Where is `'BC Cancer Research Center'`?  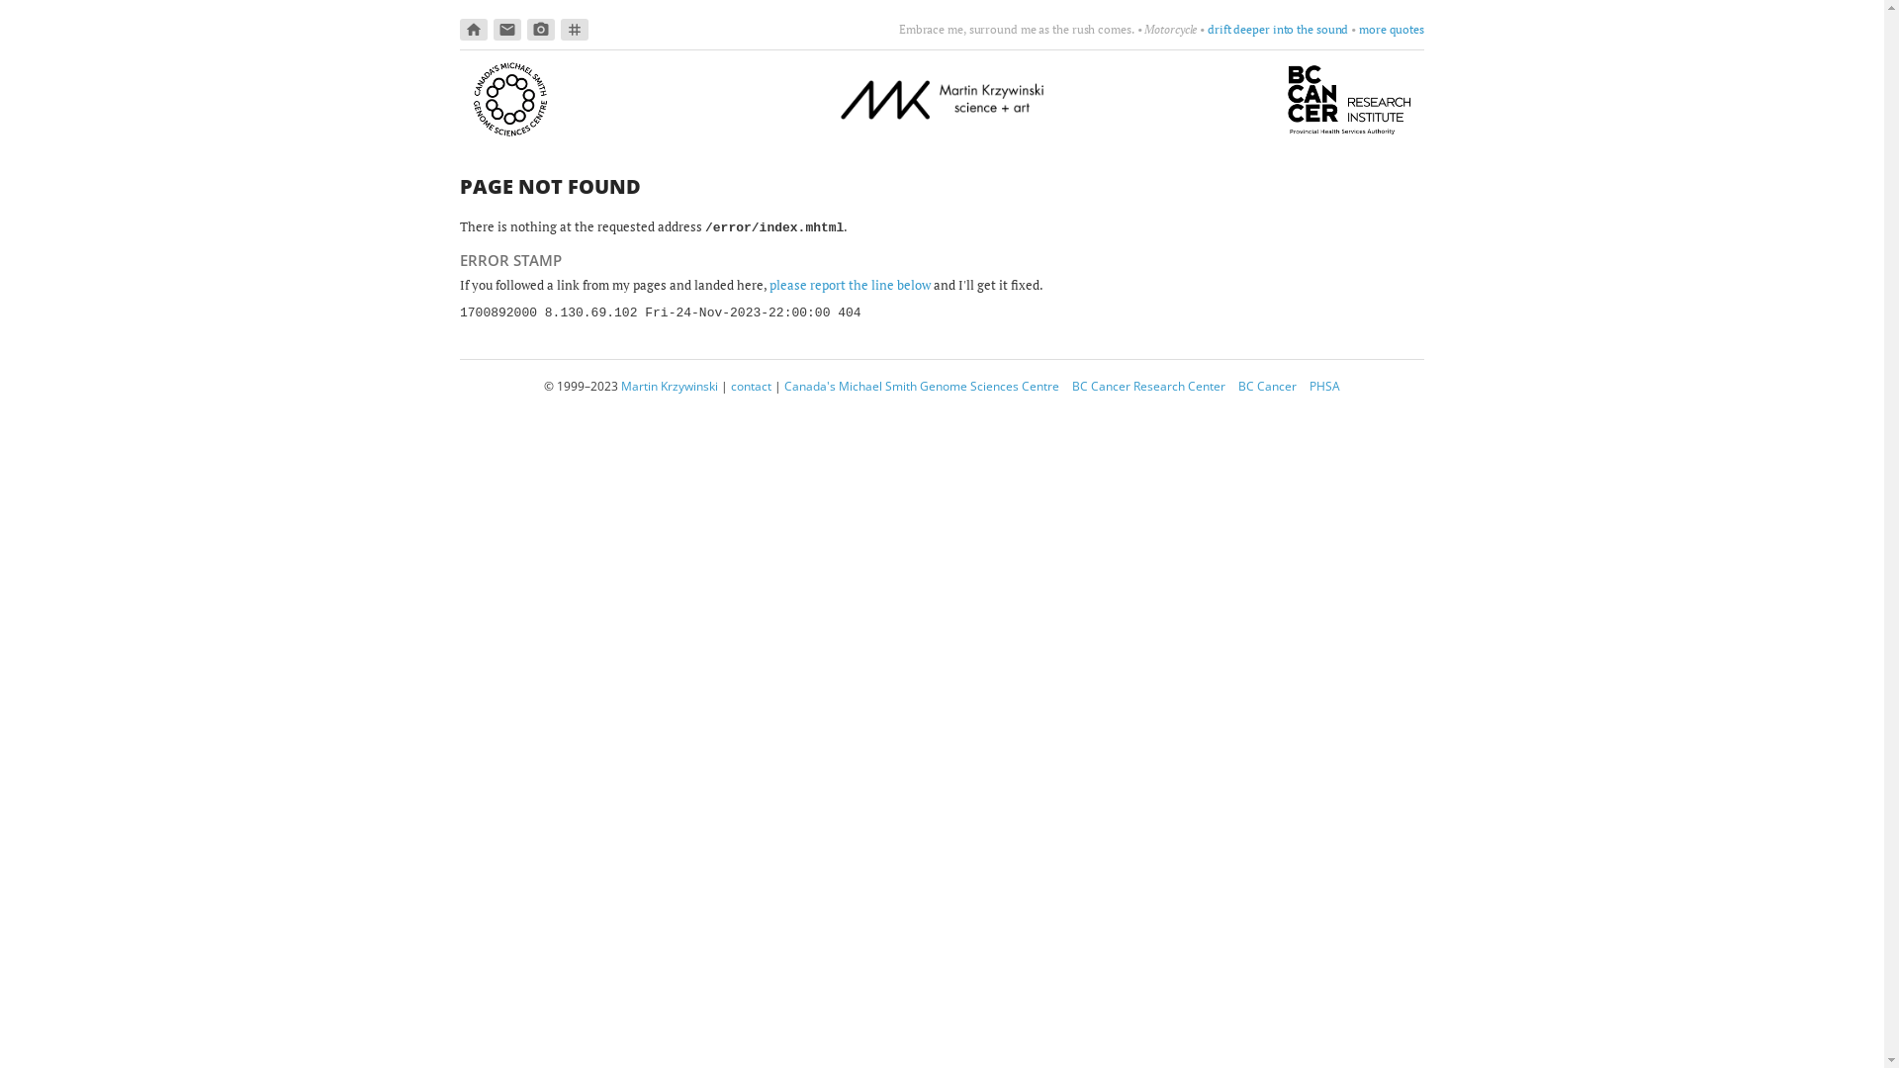
'BC Cancer Research Center' is located at coordinates (1148, 386).